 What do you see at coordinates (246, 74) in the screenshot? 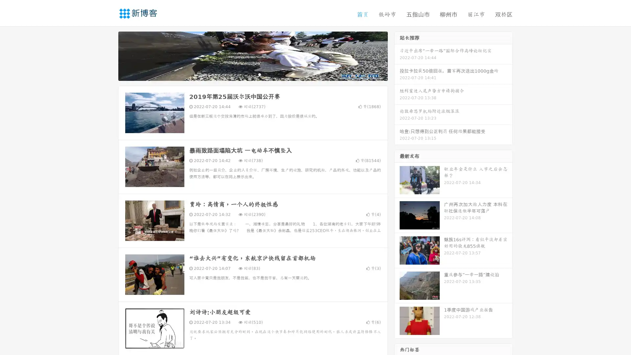
I see `Go to slide 1` at bounding box center [246, 74].